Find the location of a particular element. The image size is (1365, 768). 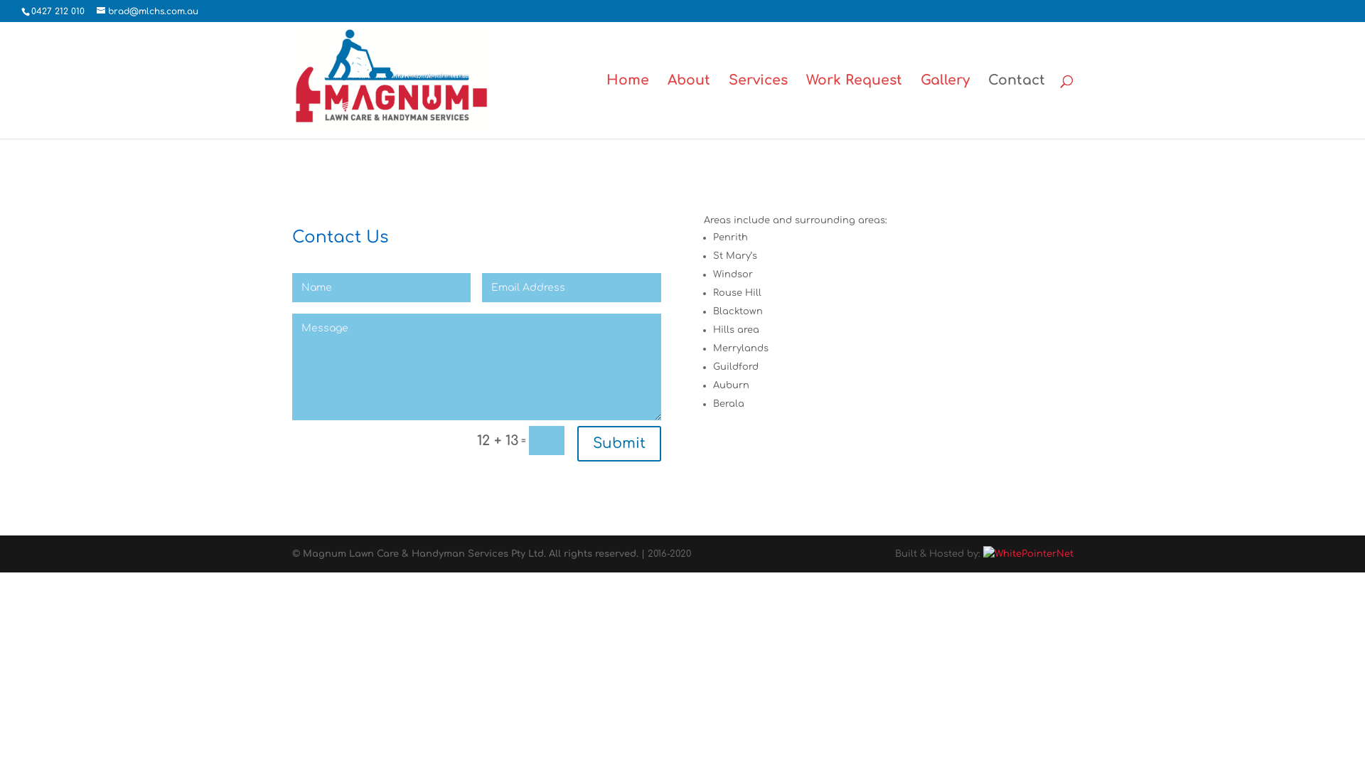

'Contact' is located at coordinates (987, 106).